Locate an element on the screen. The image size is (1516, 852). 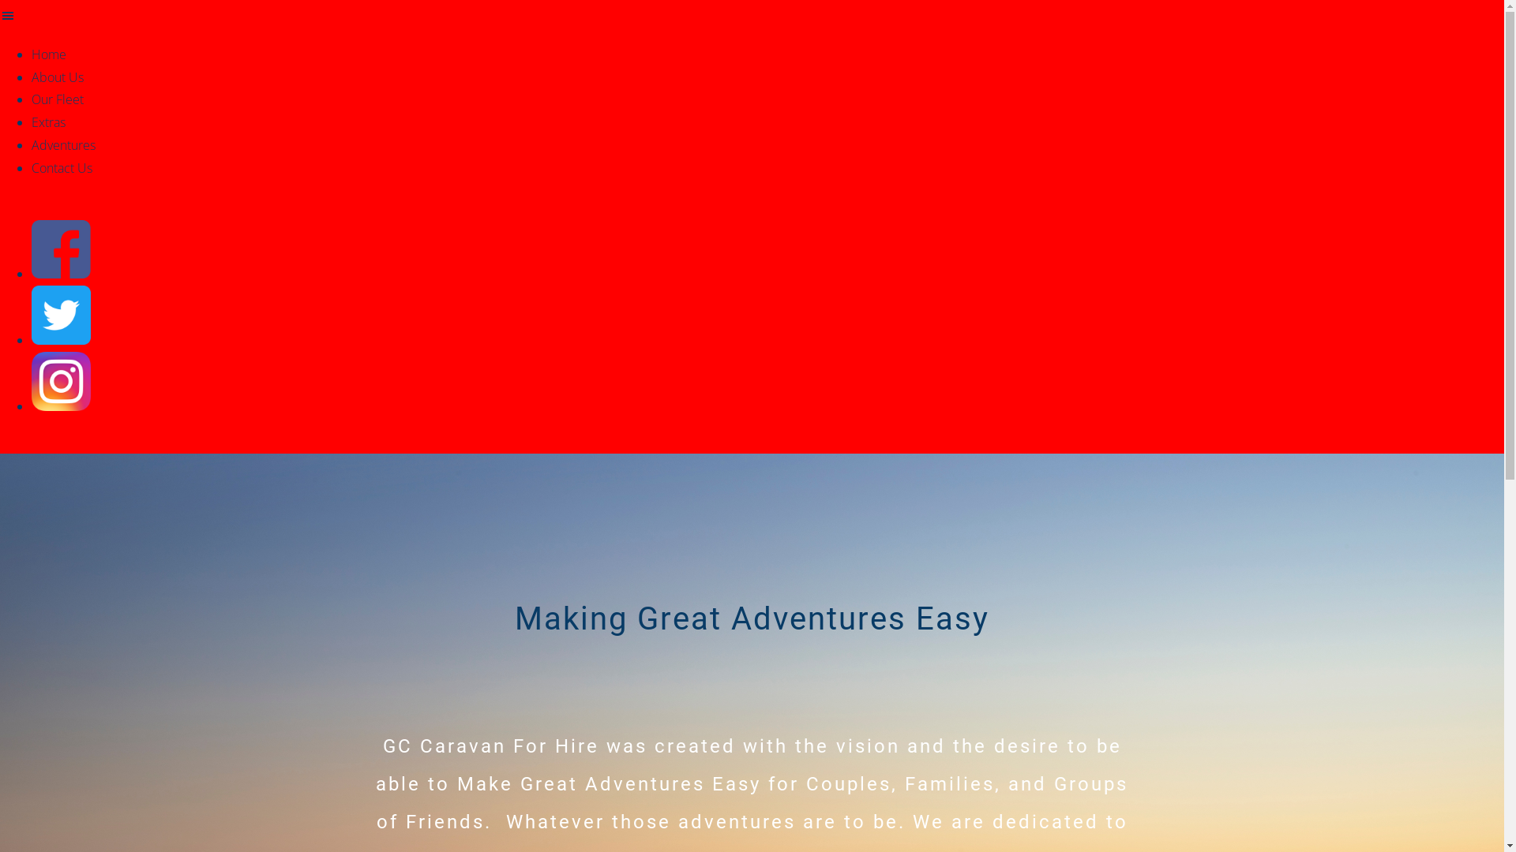
'Home' is located at coordinates (31, 54).